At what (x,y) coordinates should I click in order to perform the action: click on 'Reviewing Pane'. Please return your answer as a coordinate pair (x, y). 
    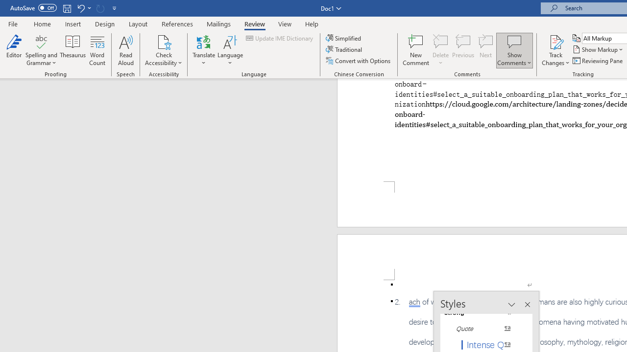
    Looking at the image, I should click on (598, 61).